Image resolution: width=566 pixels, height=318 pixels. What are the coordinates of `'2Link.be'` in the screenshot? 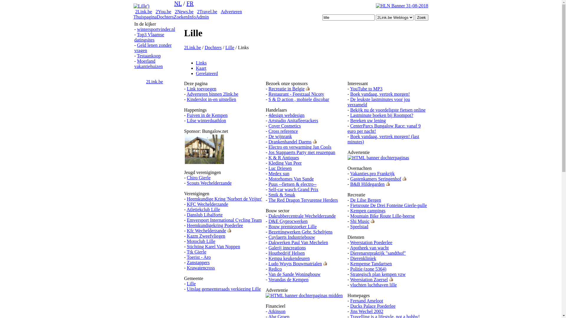 It's located at (143, 11).